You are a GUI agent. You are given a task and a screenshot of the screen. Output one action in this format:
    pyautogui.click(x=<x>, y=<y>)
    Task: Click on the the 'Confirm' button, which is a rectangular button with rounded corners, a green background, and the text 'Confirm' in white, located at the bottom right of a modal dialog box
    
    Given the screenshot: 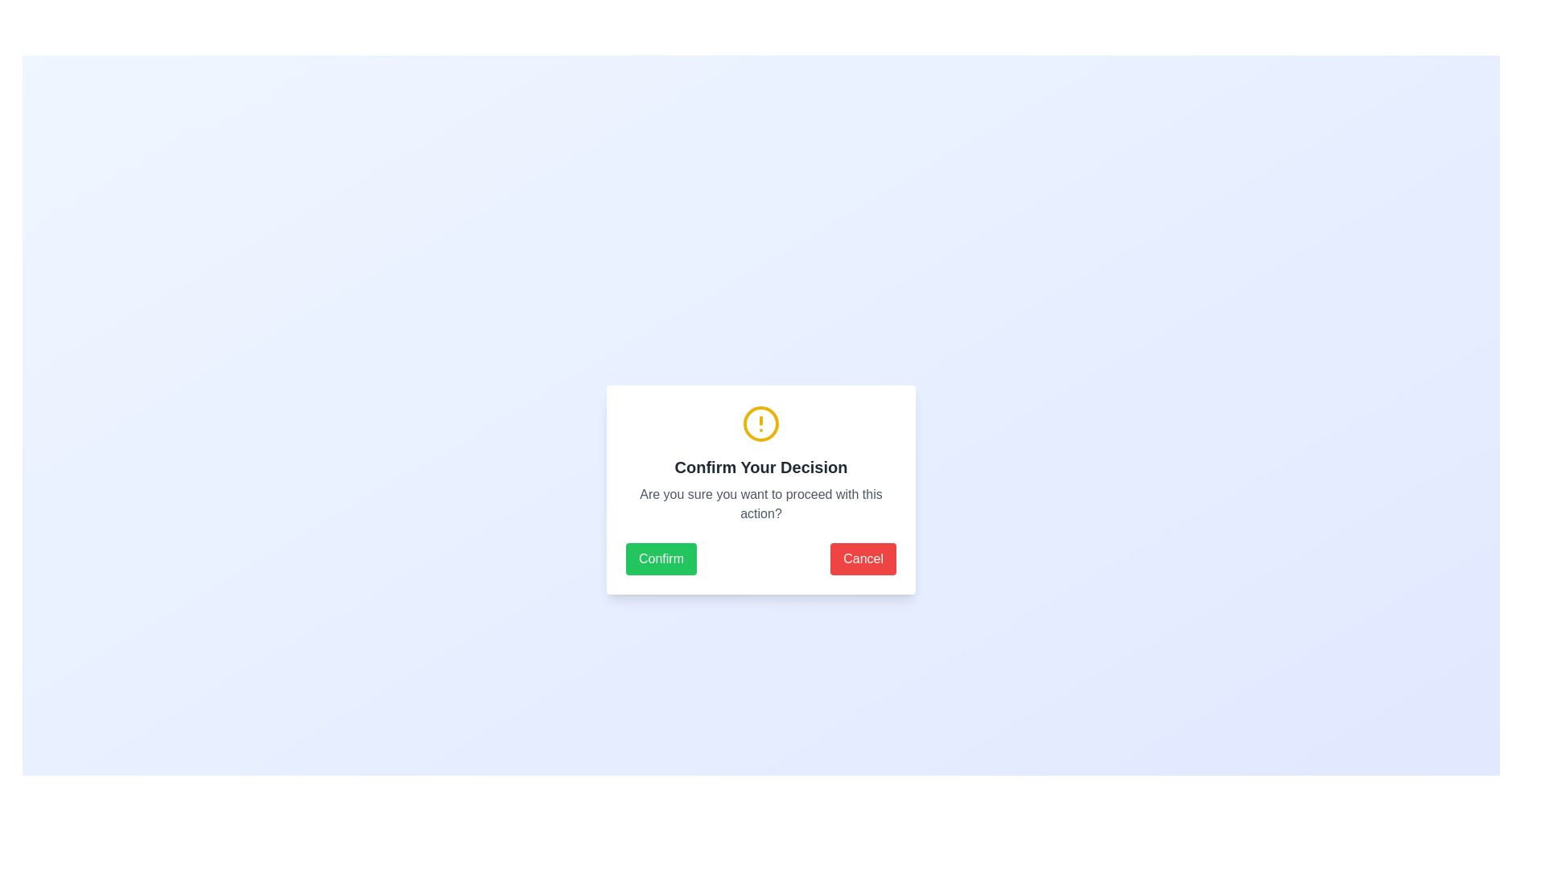 What is the action you would take?
    pyautogui.click(x=661, y=558)
    